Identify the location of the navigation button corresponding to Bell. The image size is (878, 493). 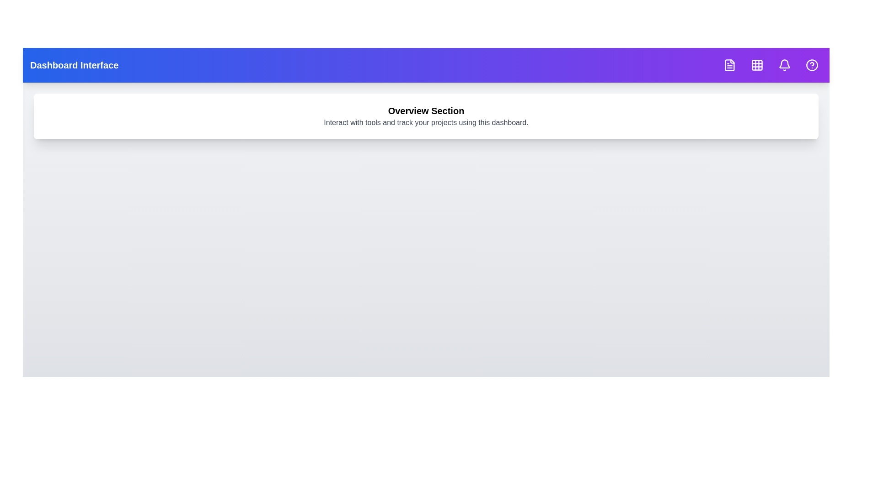
(784, 64).